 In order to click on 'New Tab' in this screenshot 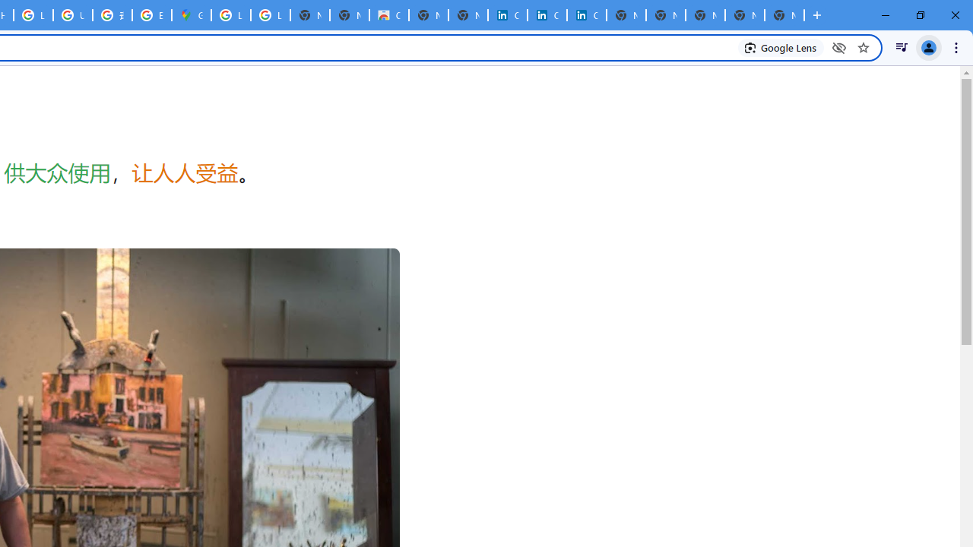, I will do `click(784, 15)`.